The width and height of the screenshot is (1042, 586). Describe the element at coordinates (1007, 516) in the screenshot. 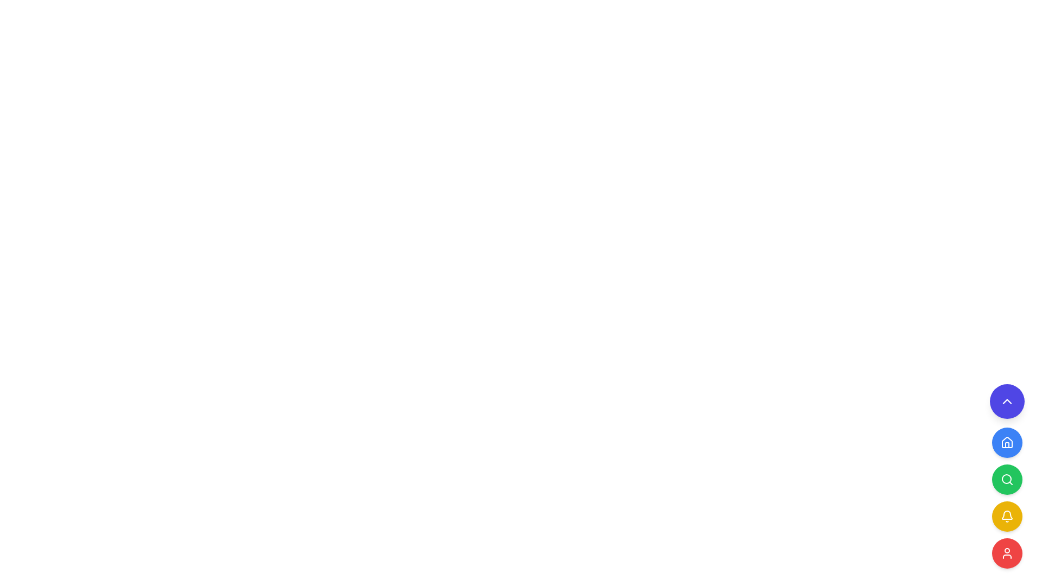

I see `the circular button with a bright yellow background and white bell icon, positioned fourth in a vertical sequence of buttons` at that location.